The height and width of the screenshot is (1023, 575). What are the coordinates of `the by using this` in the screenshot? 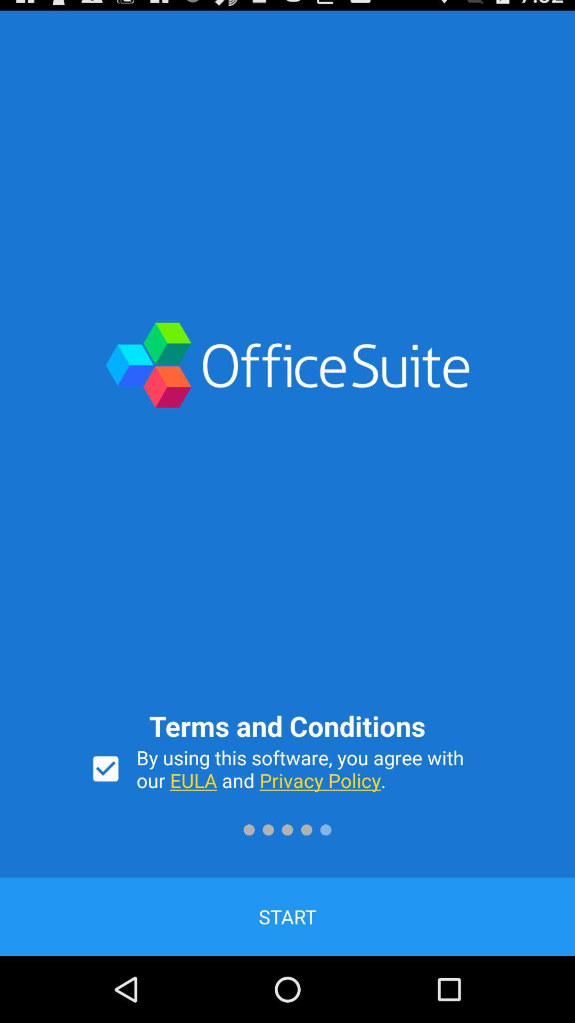 It's located at (311, 769).